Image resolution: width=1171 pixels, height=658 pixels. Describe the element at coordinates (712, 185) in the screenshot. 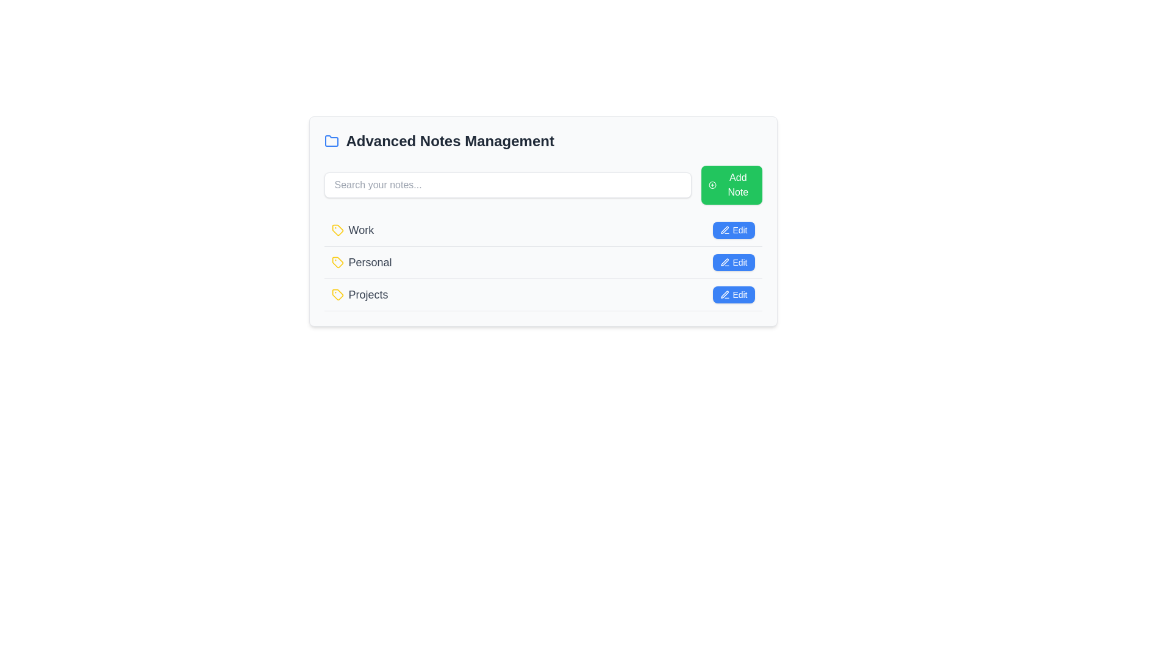

I see `the 'Add Note' icon located on the left side of the button text` at that location.